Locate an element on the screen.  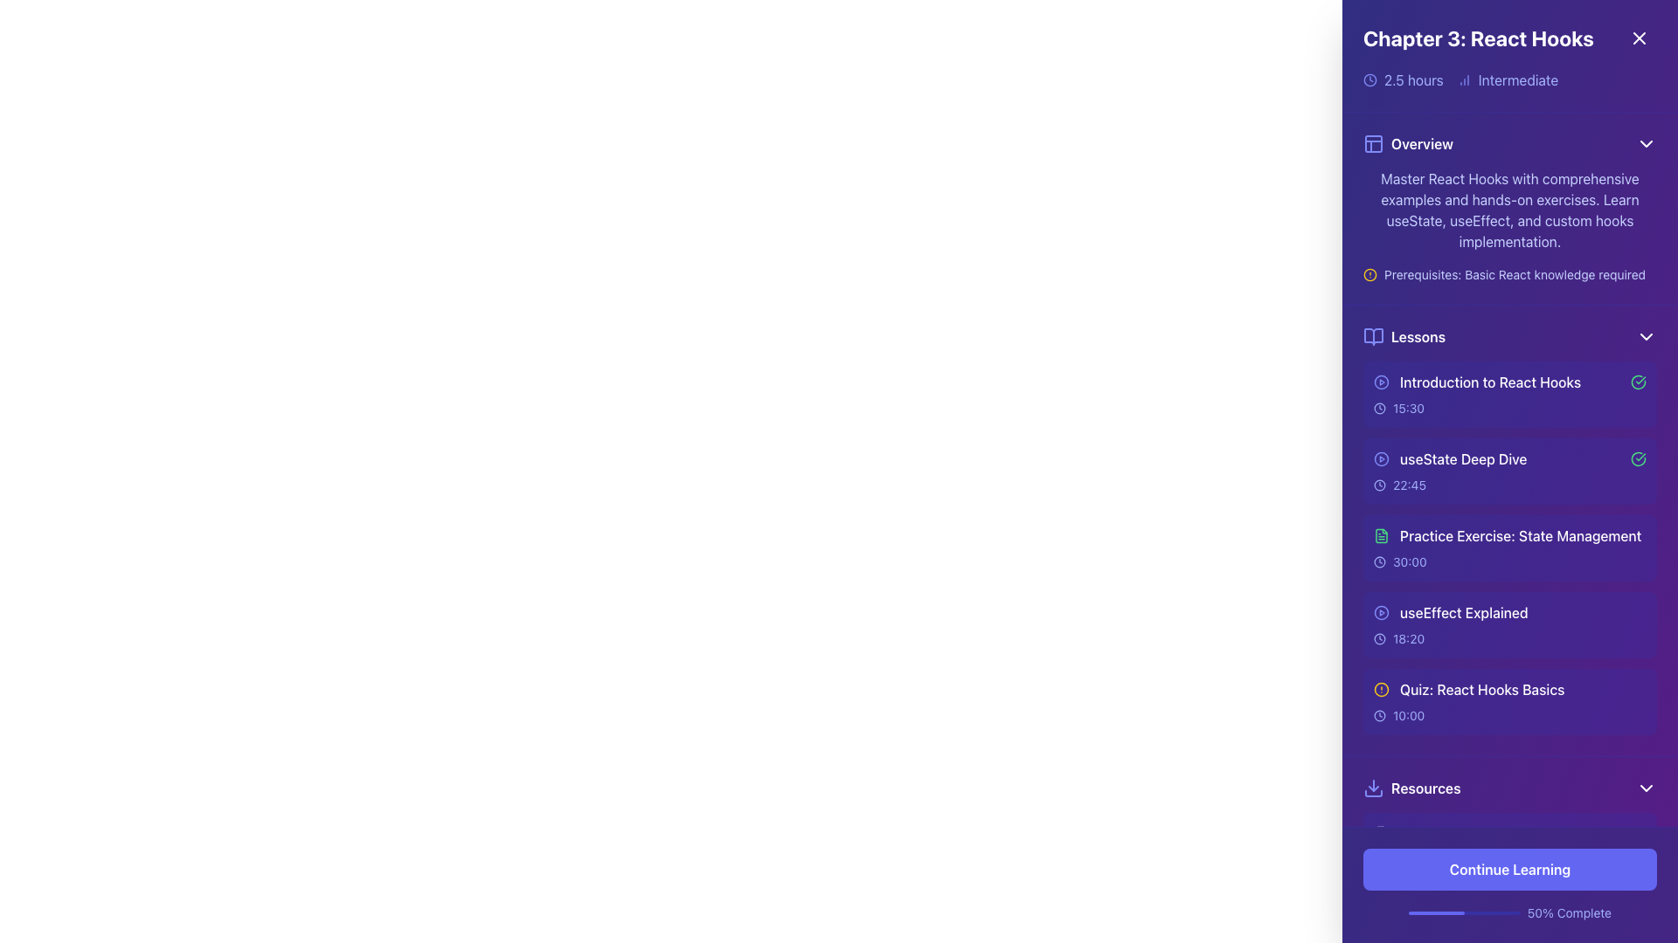
the list item containing the icon of a green document and the text 'Practice Exercise: State Management' is located at coordinates (1506, 534).